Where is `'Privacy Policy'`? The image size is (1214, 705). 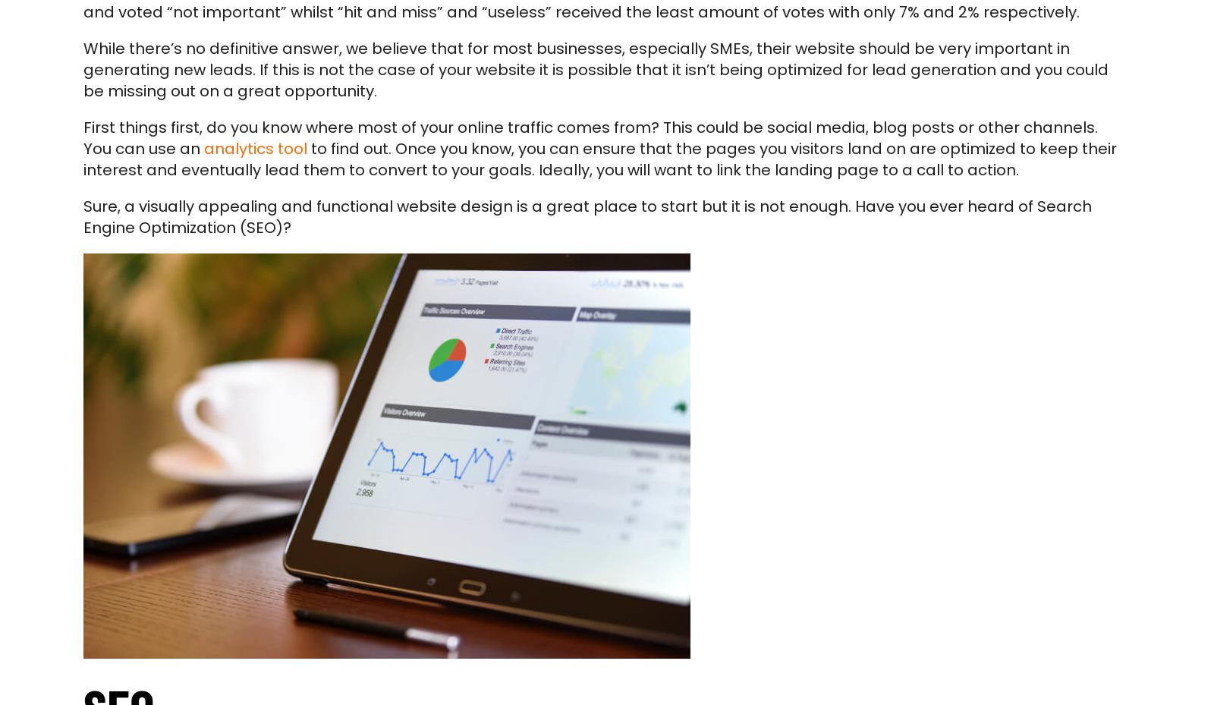 'Privacy Policy' is located at coordinates (133, 549).